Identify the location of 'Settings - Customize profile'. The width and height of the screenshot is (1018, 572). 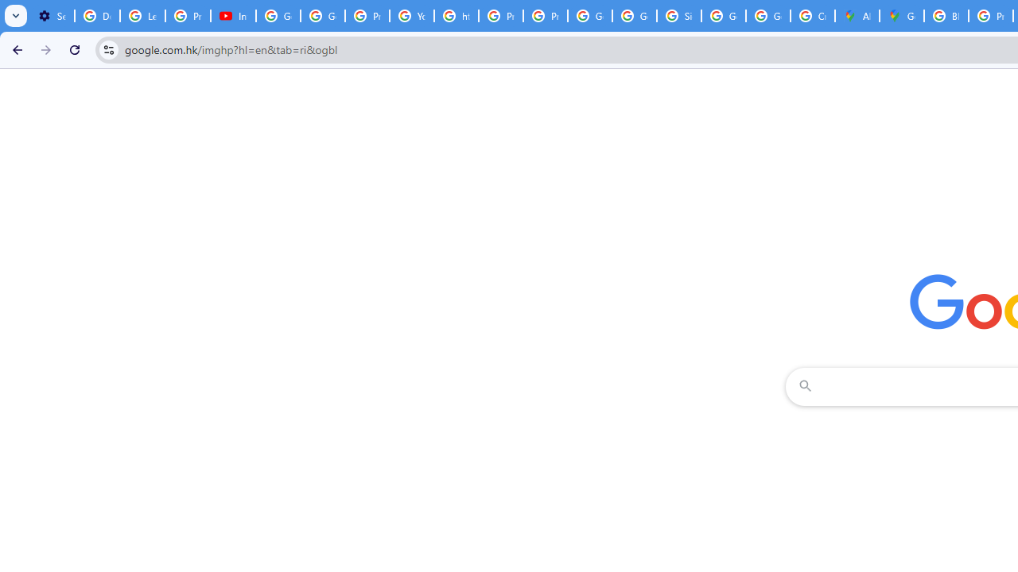
(52, 16).